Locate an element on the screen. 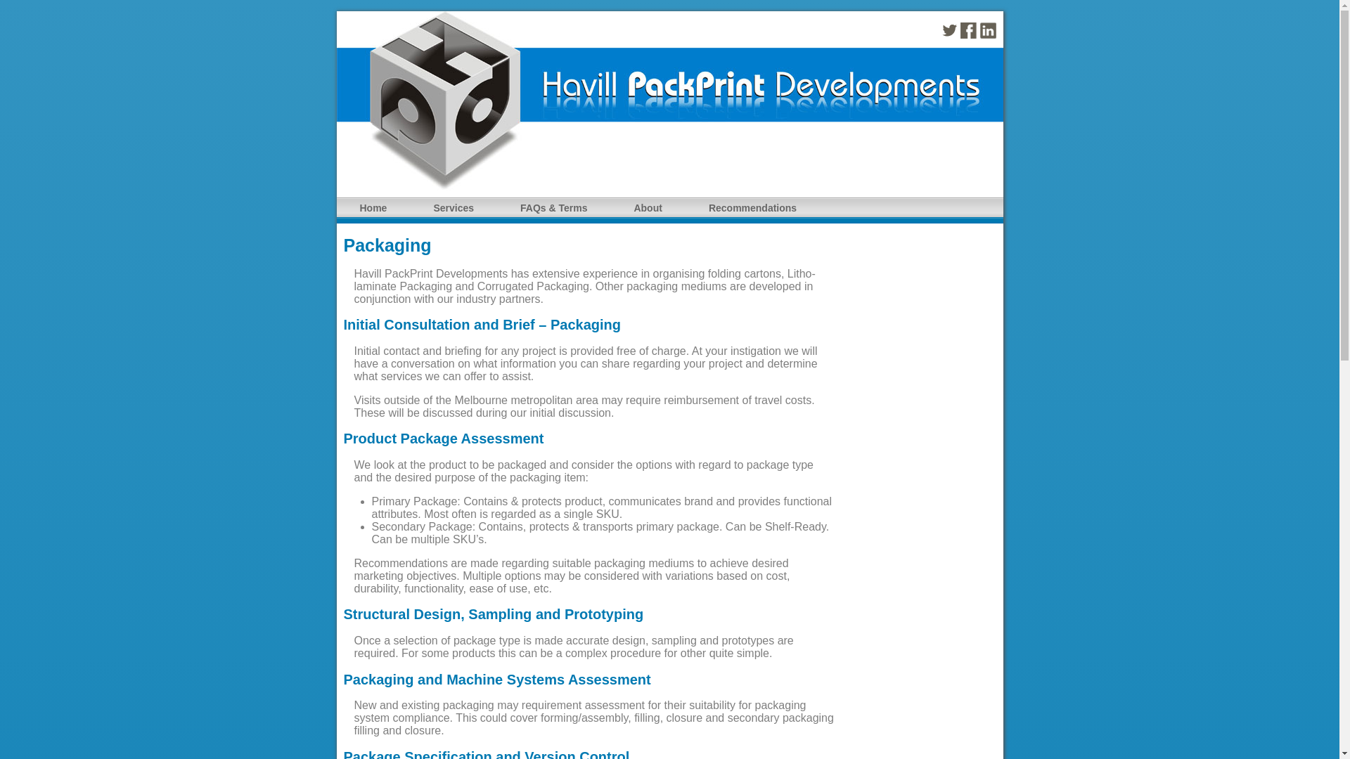 The height and width of the screenshot is (759, 1350). 'Recommendations' is located at coordinates (752, 208).